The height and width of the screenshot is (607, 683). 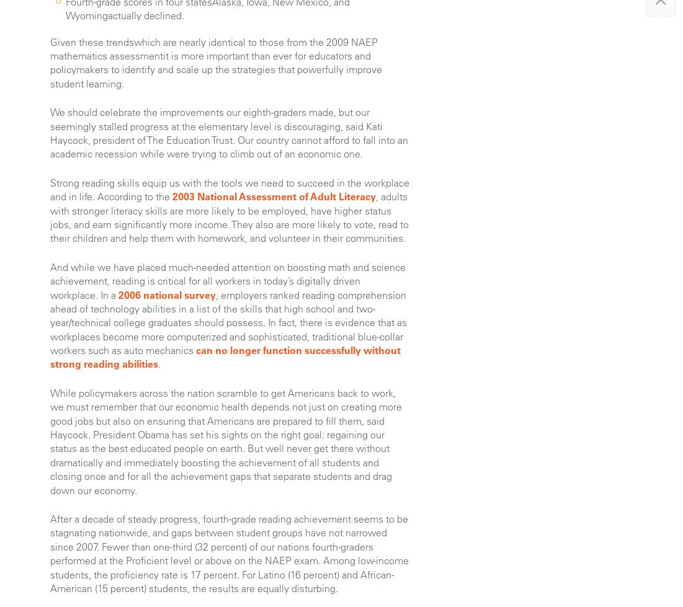 I want to click on 'After a decade of steady progress, fourth-grade reading achievement seems to be stagnating nationwide, and gaps between student groups have not narrowed since 2007. Fewer than one-third (32 percent) of our nations fourth-graders performed at the Proficient level or above on the NAEP exam. Among low-income students, the proficiency rate is 17 percent. For Latino (16 percent) and African-American (15 percent) students, the results are equally disturbing.', so click(x=229, y=552).